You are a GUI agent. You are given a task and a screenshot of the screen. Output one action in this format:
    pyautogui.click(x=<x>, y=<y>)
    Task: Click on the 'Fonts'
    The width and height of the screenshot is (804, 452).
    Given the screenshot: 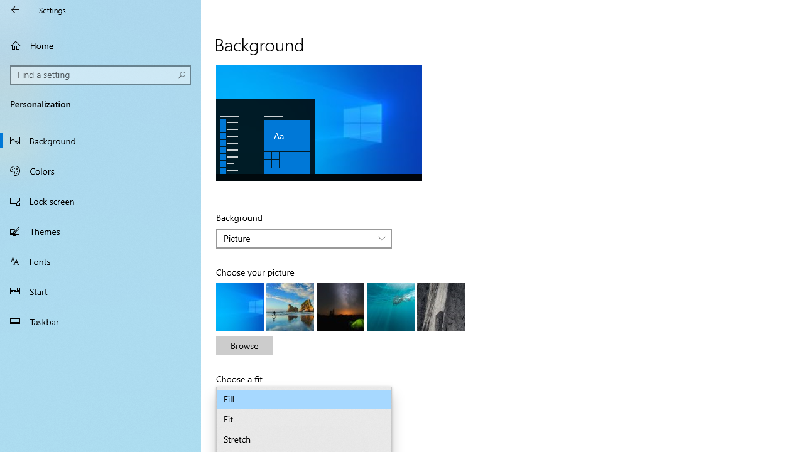 What is the action you would take?
    pyautogui.click(x=100, y=260)
    